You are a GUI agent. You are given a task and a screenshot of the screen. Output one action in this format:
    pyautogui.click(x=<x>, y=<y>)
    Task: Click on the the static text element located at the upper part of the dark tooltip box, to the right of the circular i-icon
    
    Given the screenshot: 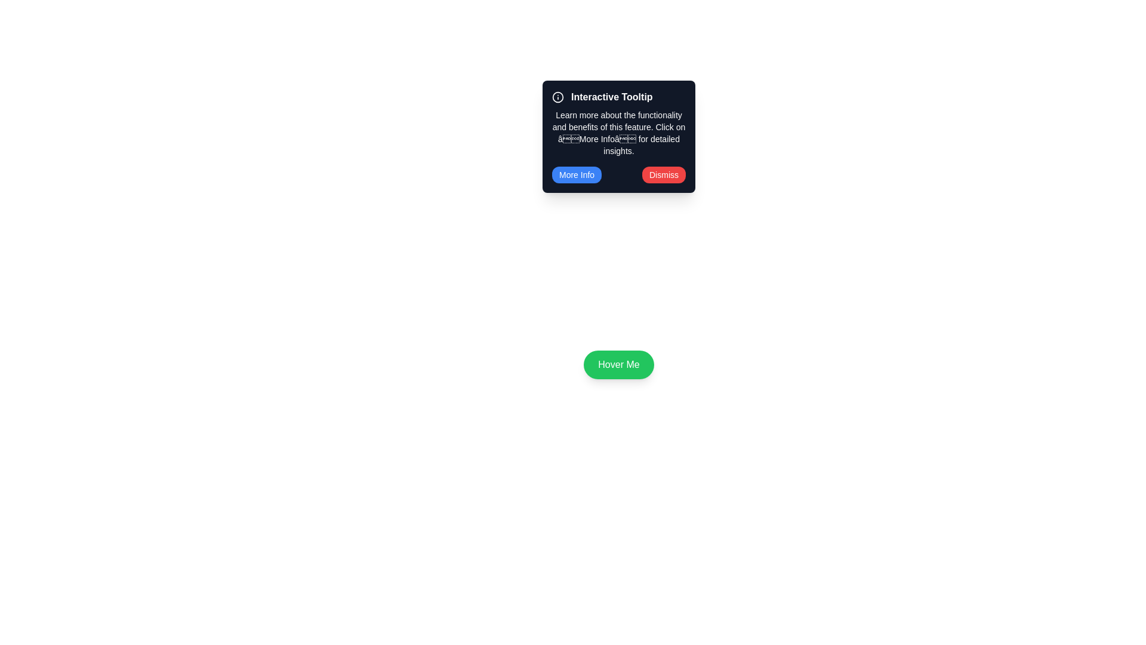 What is the action you would take?
    pyautogui.click(x=612, y=96)
    